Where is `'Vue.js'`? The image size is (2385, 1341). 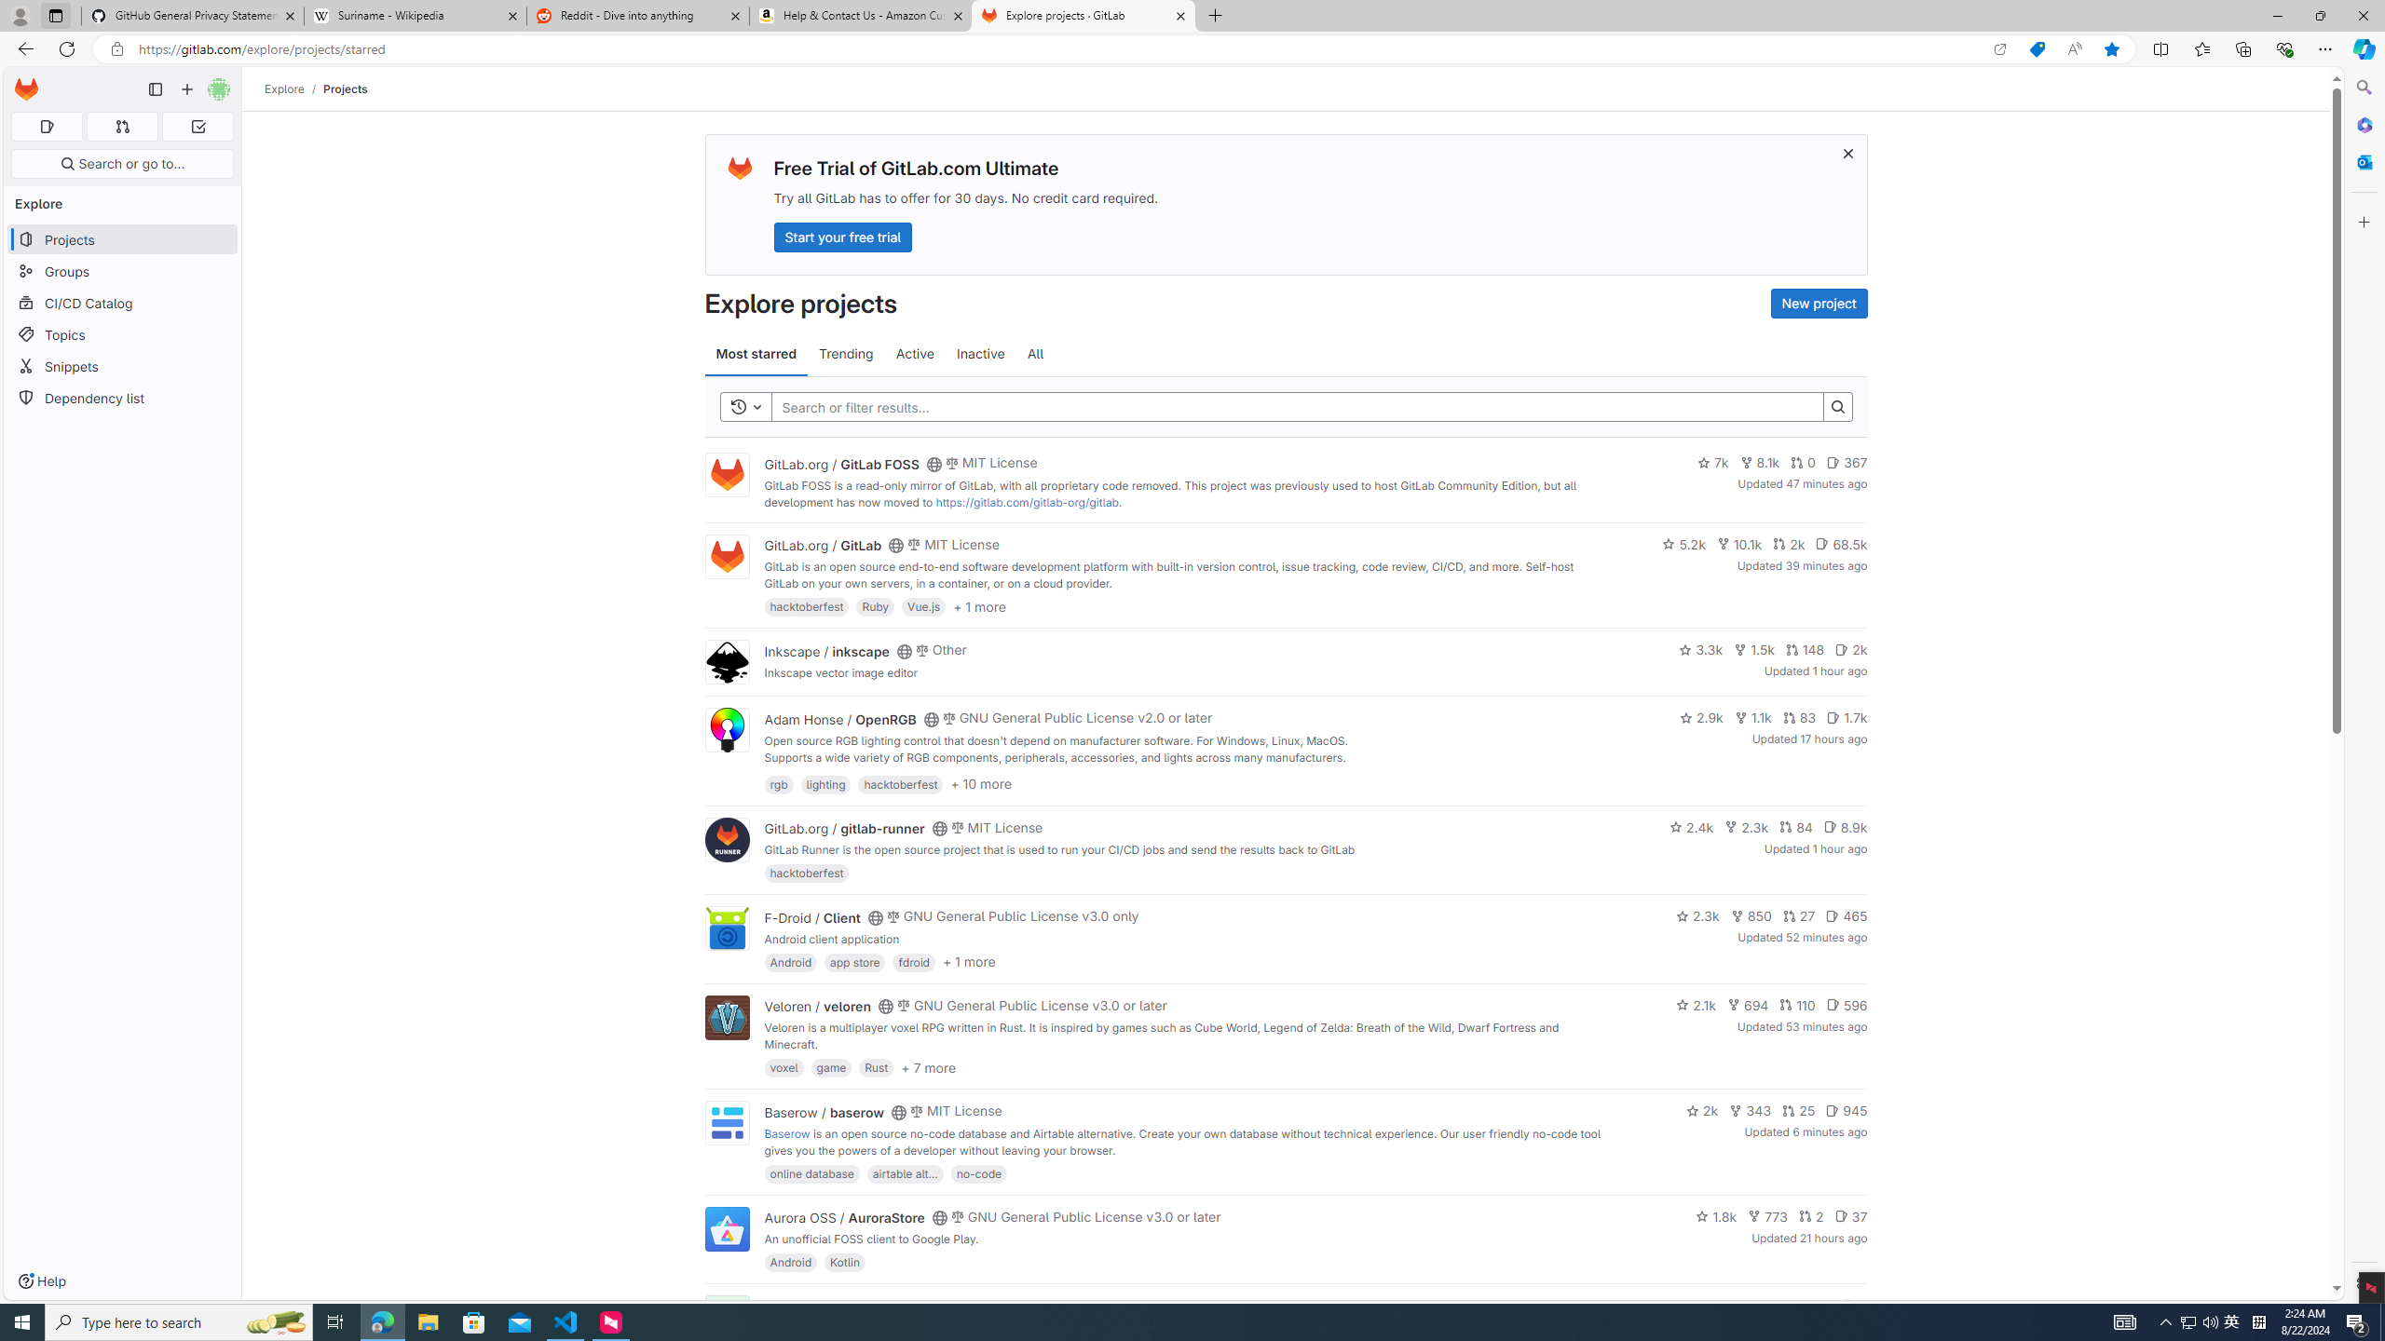 'Vue.js' is located at coordinates (923, 606).